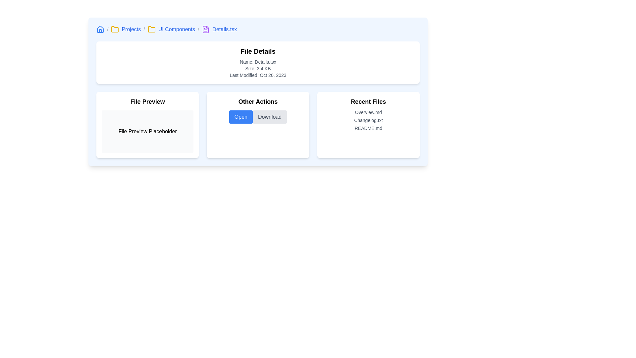  I want to click on the 'Projects' text link in the breadcrumb navigation bar to potentially reveal additional information, so click(131, 29).